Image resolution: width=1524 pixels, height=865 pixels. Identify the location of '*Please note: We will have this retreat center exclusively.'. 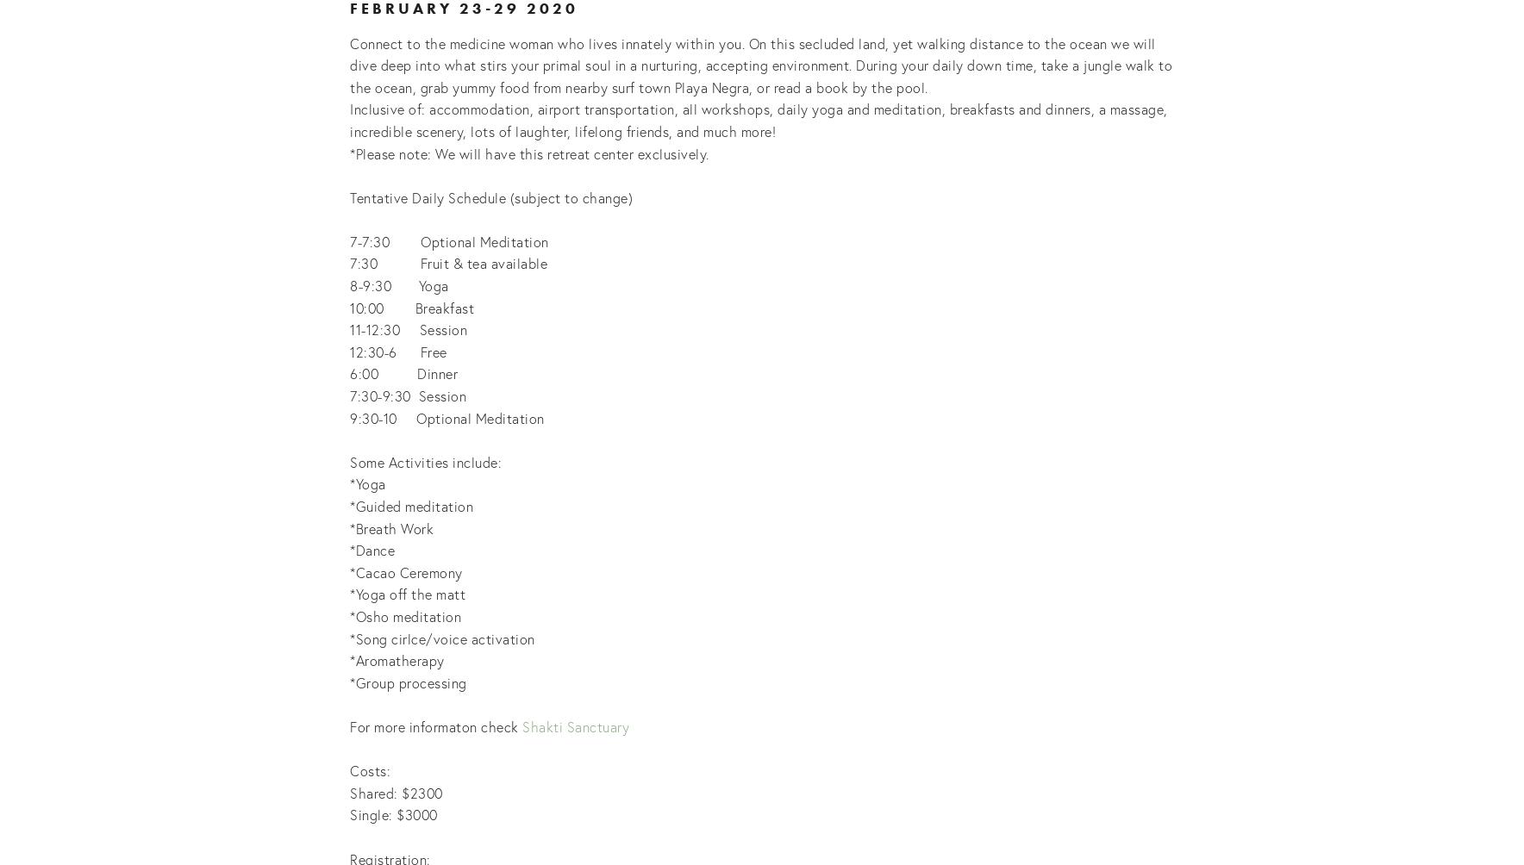
(528, 152).